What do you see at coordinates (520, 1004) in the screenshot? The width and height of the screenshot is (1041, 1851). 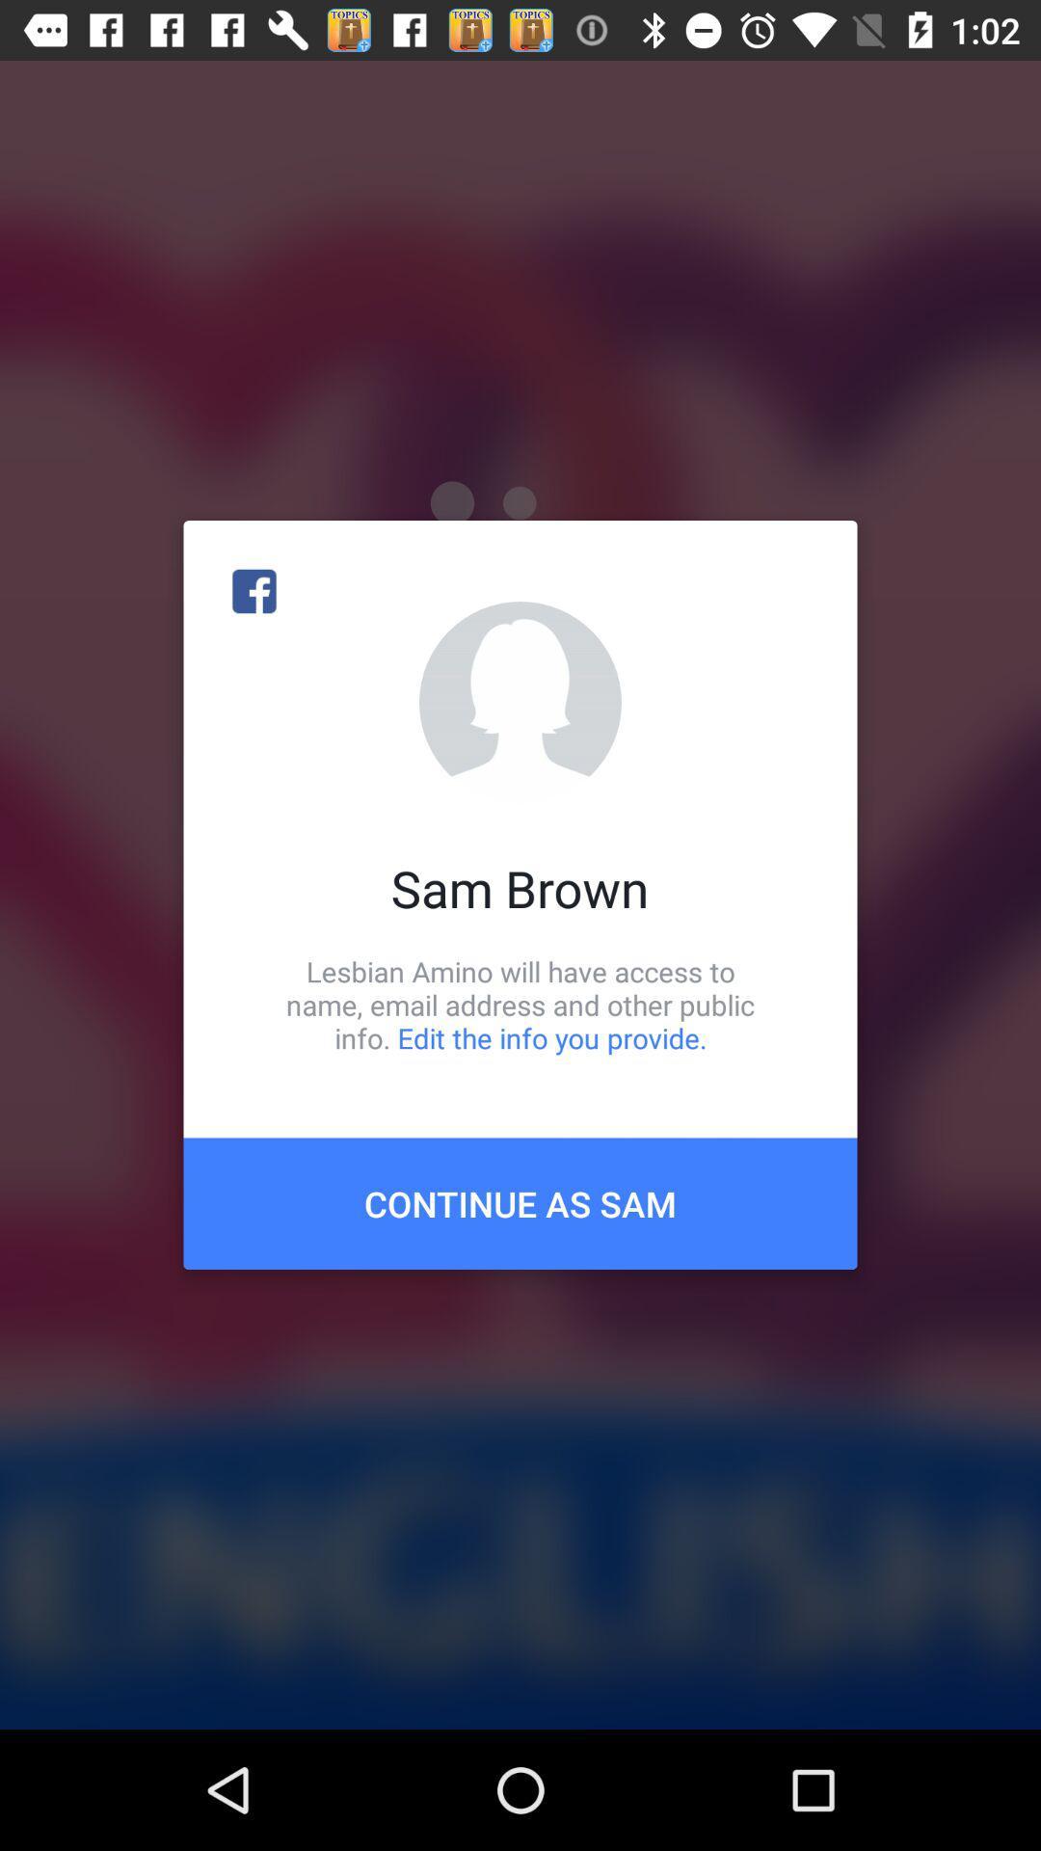 I see `the item below the sam brown` at bounding box center [520, 1004].